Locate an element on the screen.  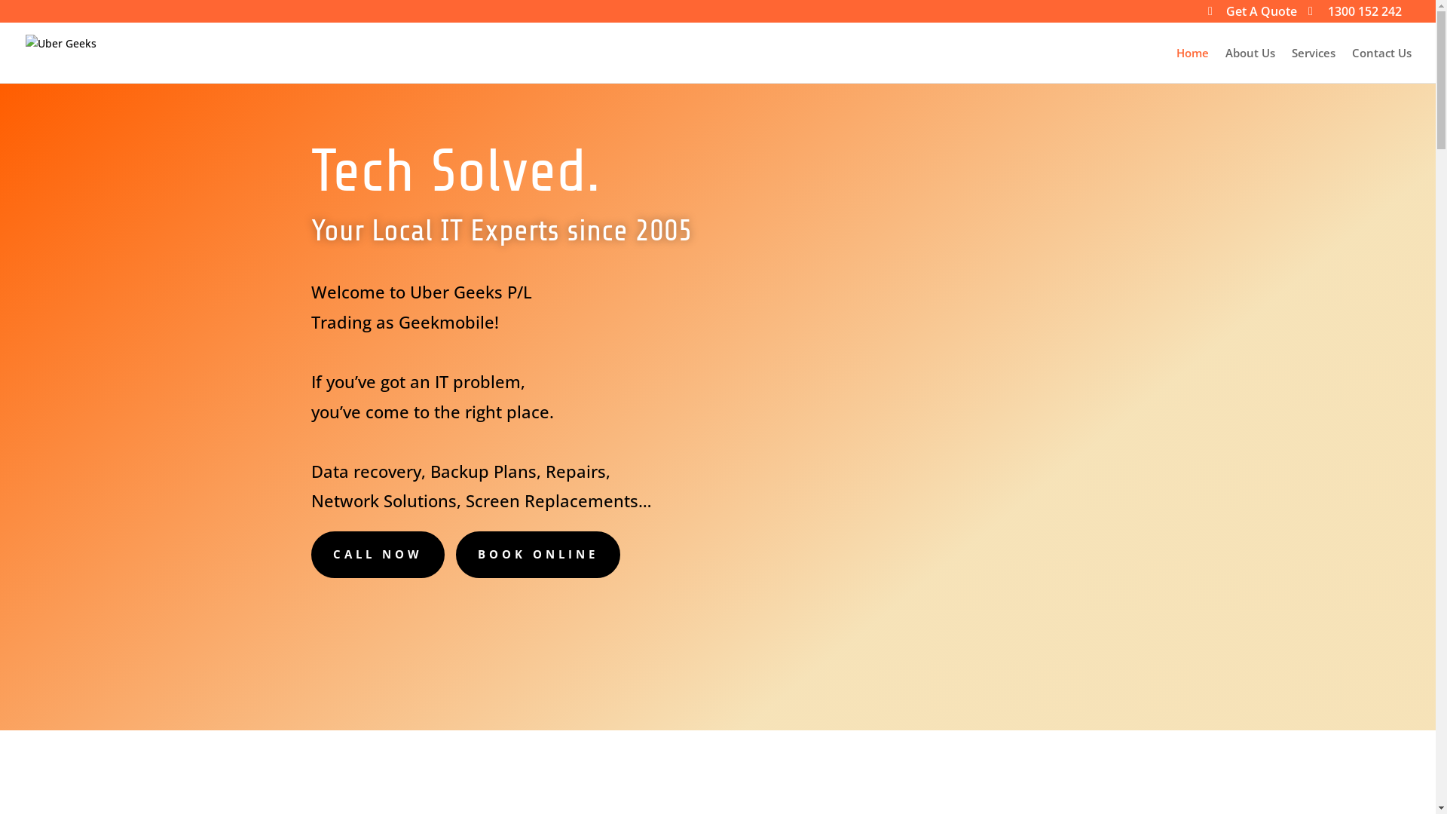
'BOOK ONLINE' is located at coordinates (537, 555).